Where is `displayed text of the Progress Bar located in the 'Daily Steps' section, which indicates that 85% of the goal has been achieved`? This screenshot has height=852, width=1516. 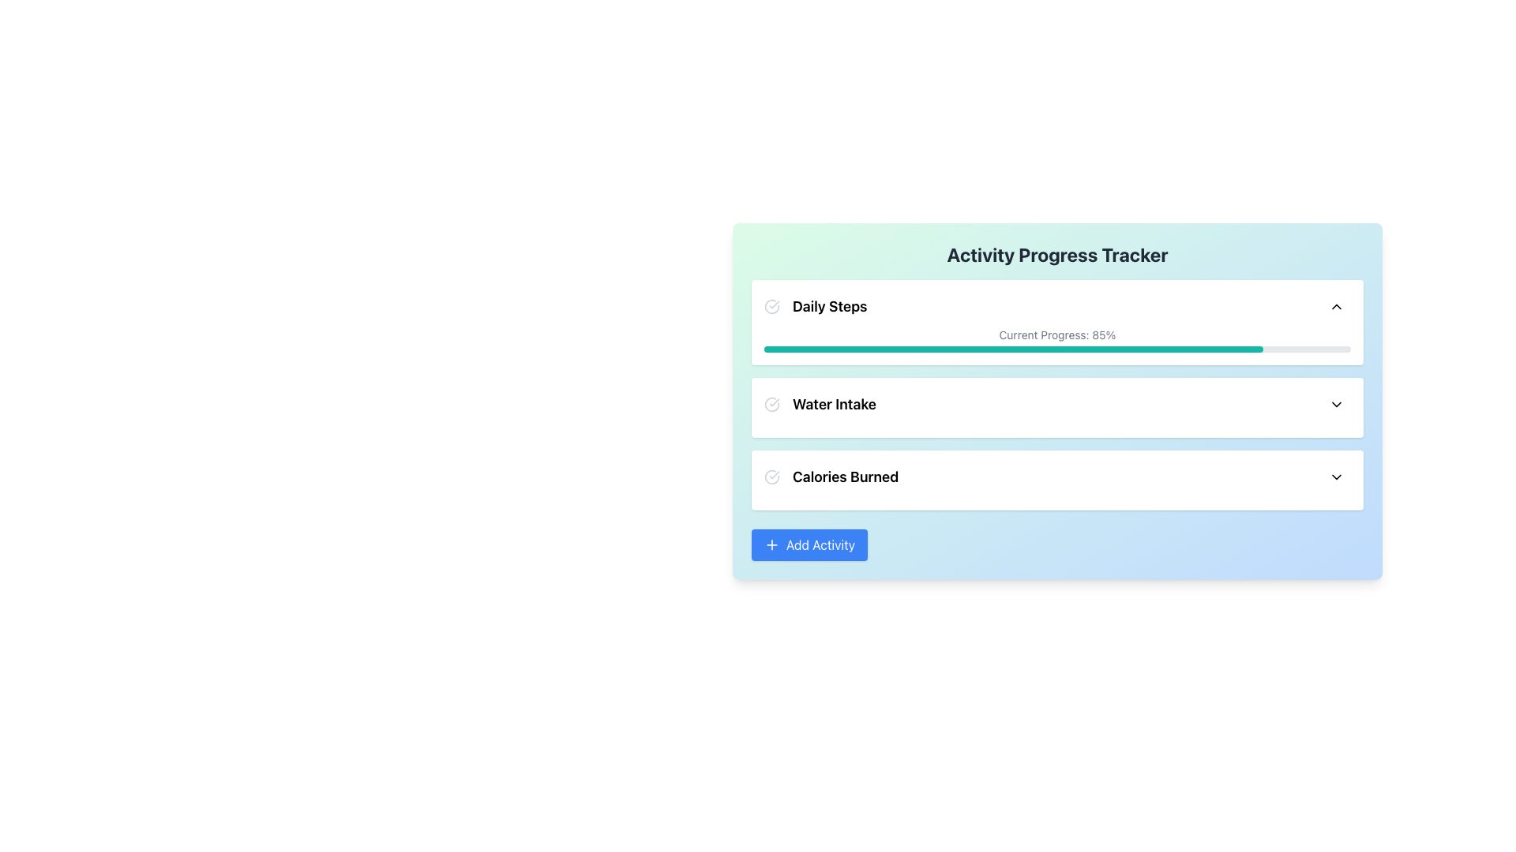
displayed text of the Progress Bar located in the 'Daily Steps' section, which indicates that 85% of the goal has been achieved is located at coordinates (1057, 339).